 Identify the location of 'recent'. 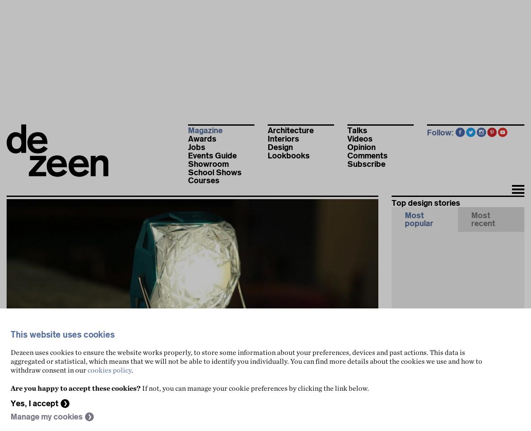
(471, 223).